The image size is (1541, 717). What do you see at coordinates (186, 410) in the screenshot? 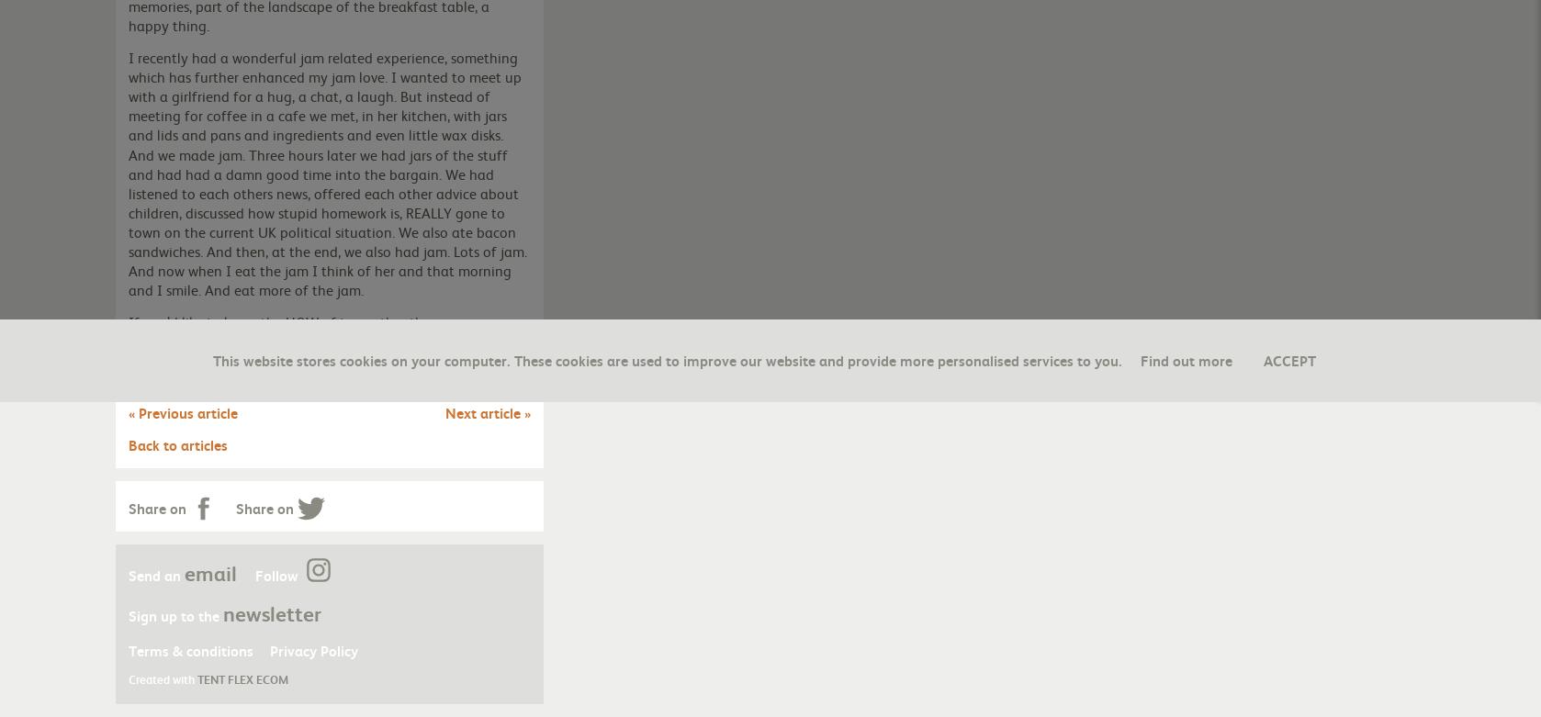
I see `'Previous article'` at bounding box center [186, 410].